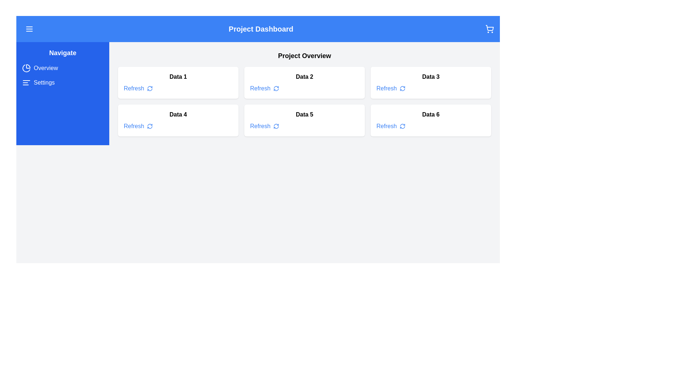 Image resolution: width=697 pixels, height=392 pixels. What do you see at coordinates (431, 77) in the screenshot?
I see `the bold text label displaying 'Data 3' located in the third card of the top row under the 'Project Overview' section` at bounding box center [431, 77].